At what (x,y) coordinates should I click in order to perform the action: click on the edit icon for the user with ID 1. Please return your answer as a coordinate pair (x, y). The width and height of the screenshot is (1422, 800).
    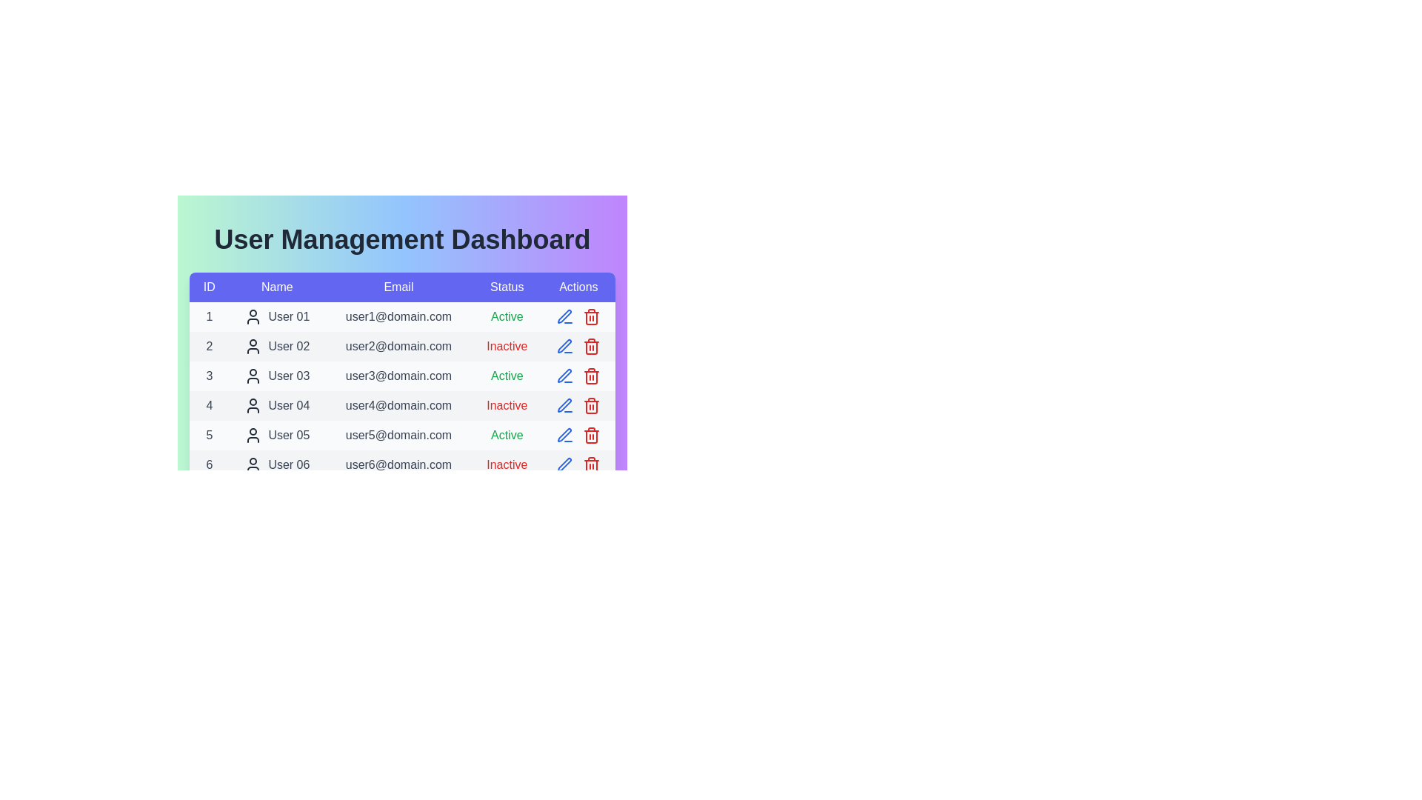
    Looking at the image, I should click on (564, 316).